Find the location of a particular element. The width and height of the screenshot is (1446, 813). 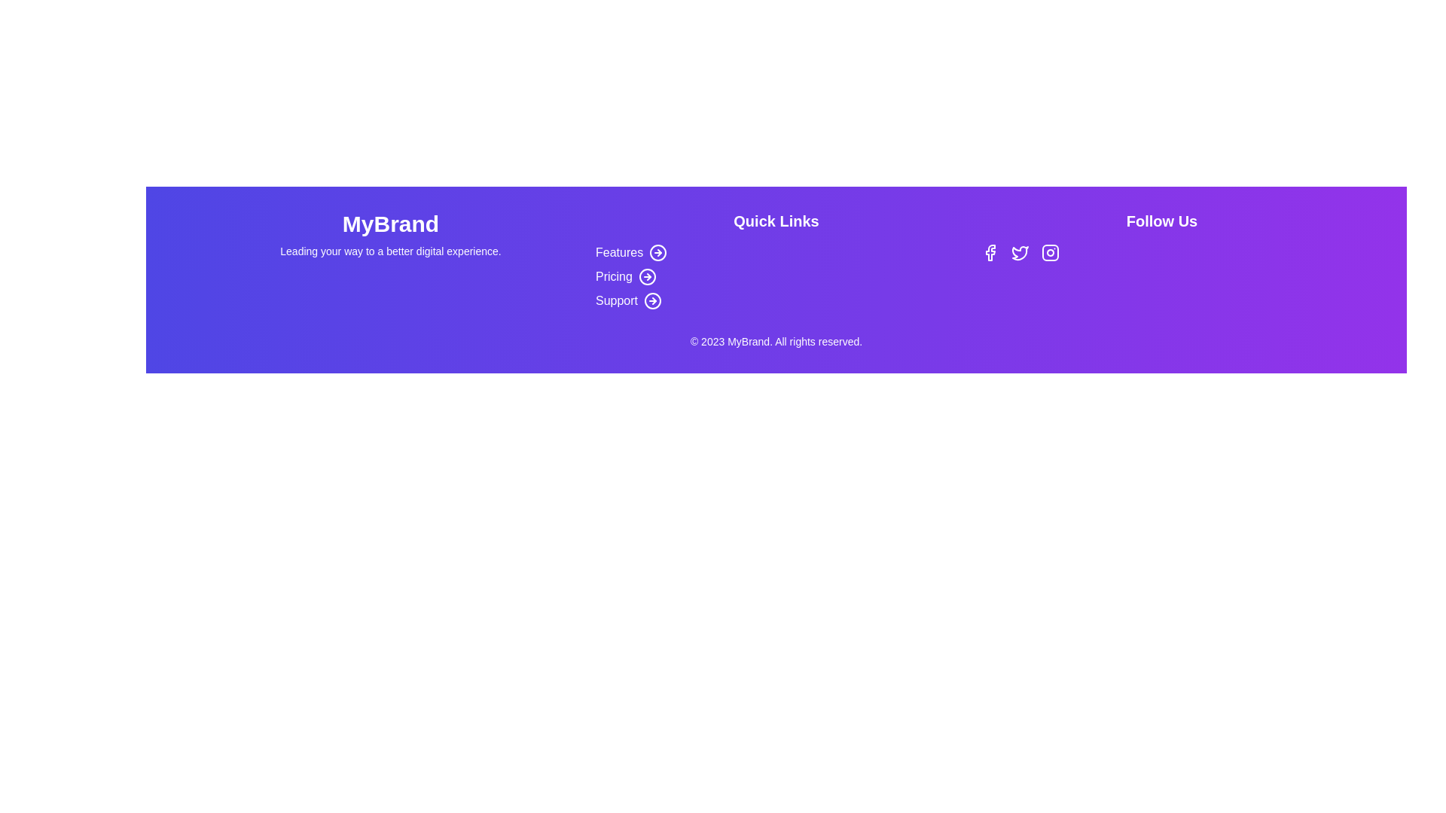

the stylized bird icon in the 'Follow Us' section of the purple footer banner is located at coordinates (1020, 251).